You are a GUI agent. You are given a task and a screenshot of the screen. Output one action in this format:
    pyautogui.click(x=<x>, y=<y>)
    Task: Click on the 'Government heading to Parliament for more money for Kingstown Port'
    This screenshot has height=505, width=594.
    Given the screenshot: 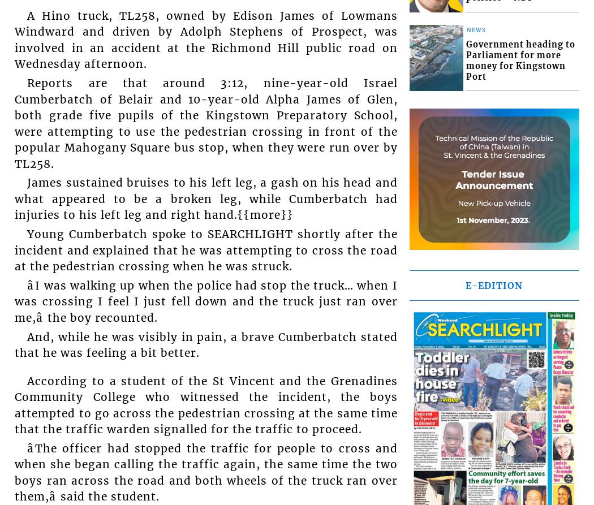 What is the action you would take?
    pyautogui.click(x=464, y=60)
    